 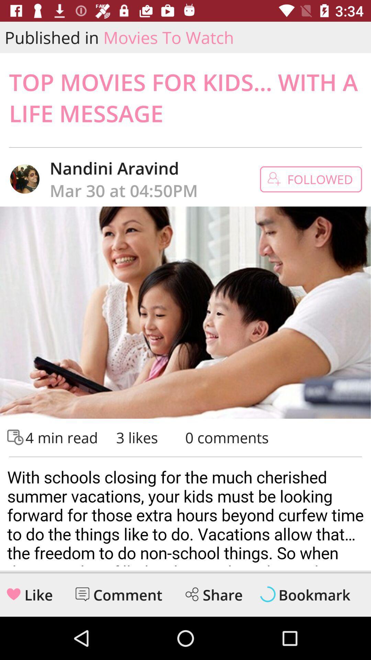 What do you see at coordinates (192, 594) in the screenshot?
I see `share` at bounding box center [192, 594].